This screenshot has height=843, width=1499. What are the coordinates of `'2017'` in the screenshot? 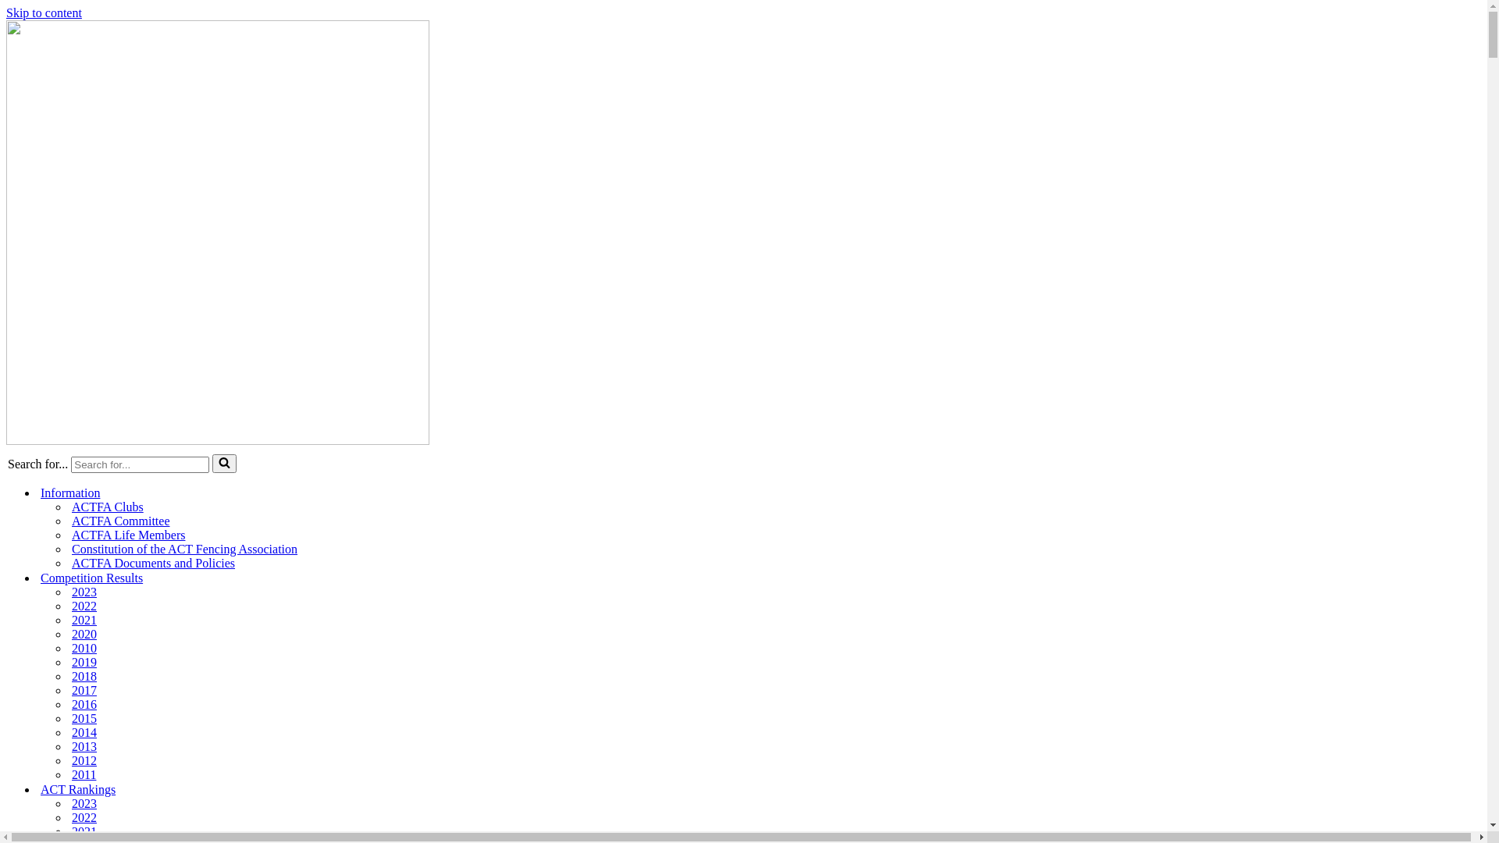 It's located at (84, 689).